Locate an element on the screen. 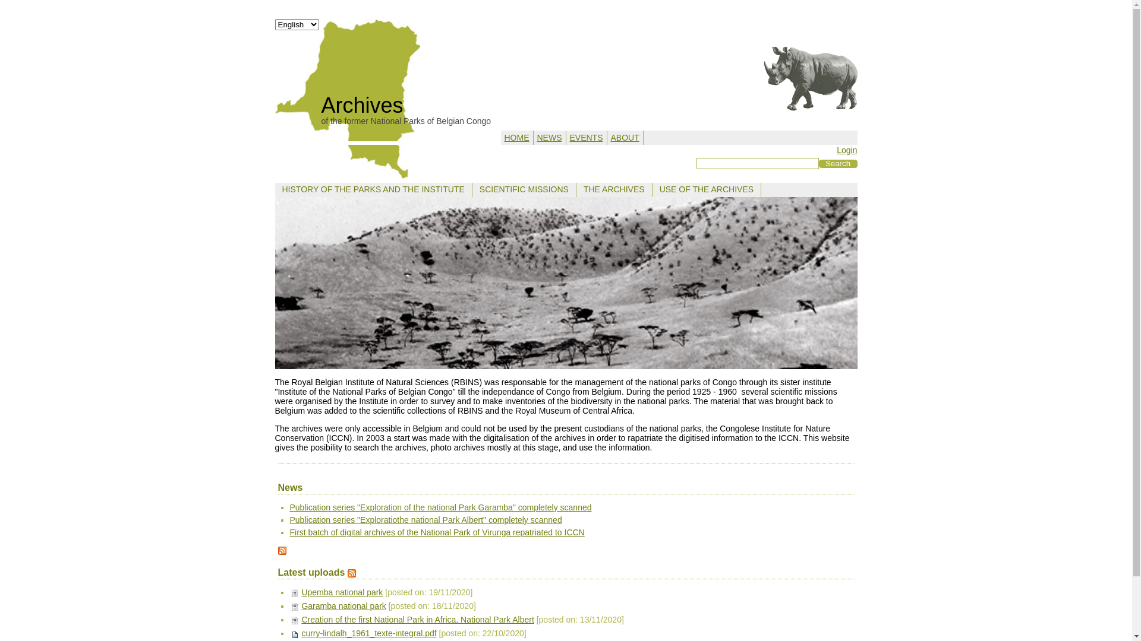  'HISTORY OF THE PARKS AND THE INSTITUTE' is located at coordinates (372, 189).